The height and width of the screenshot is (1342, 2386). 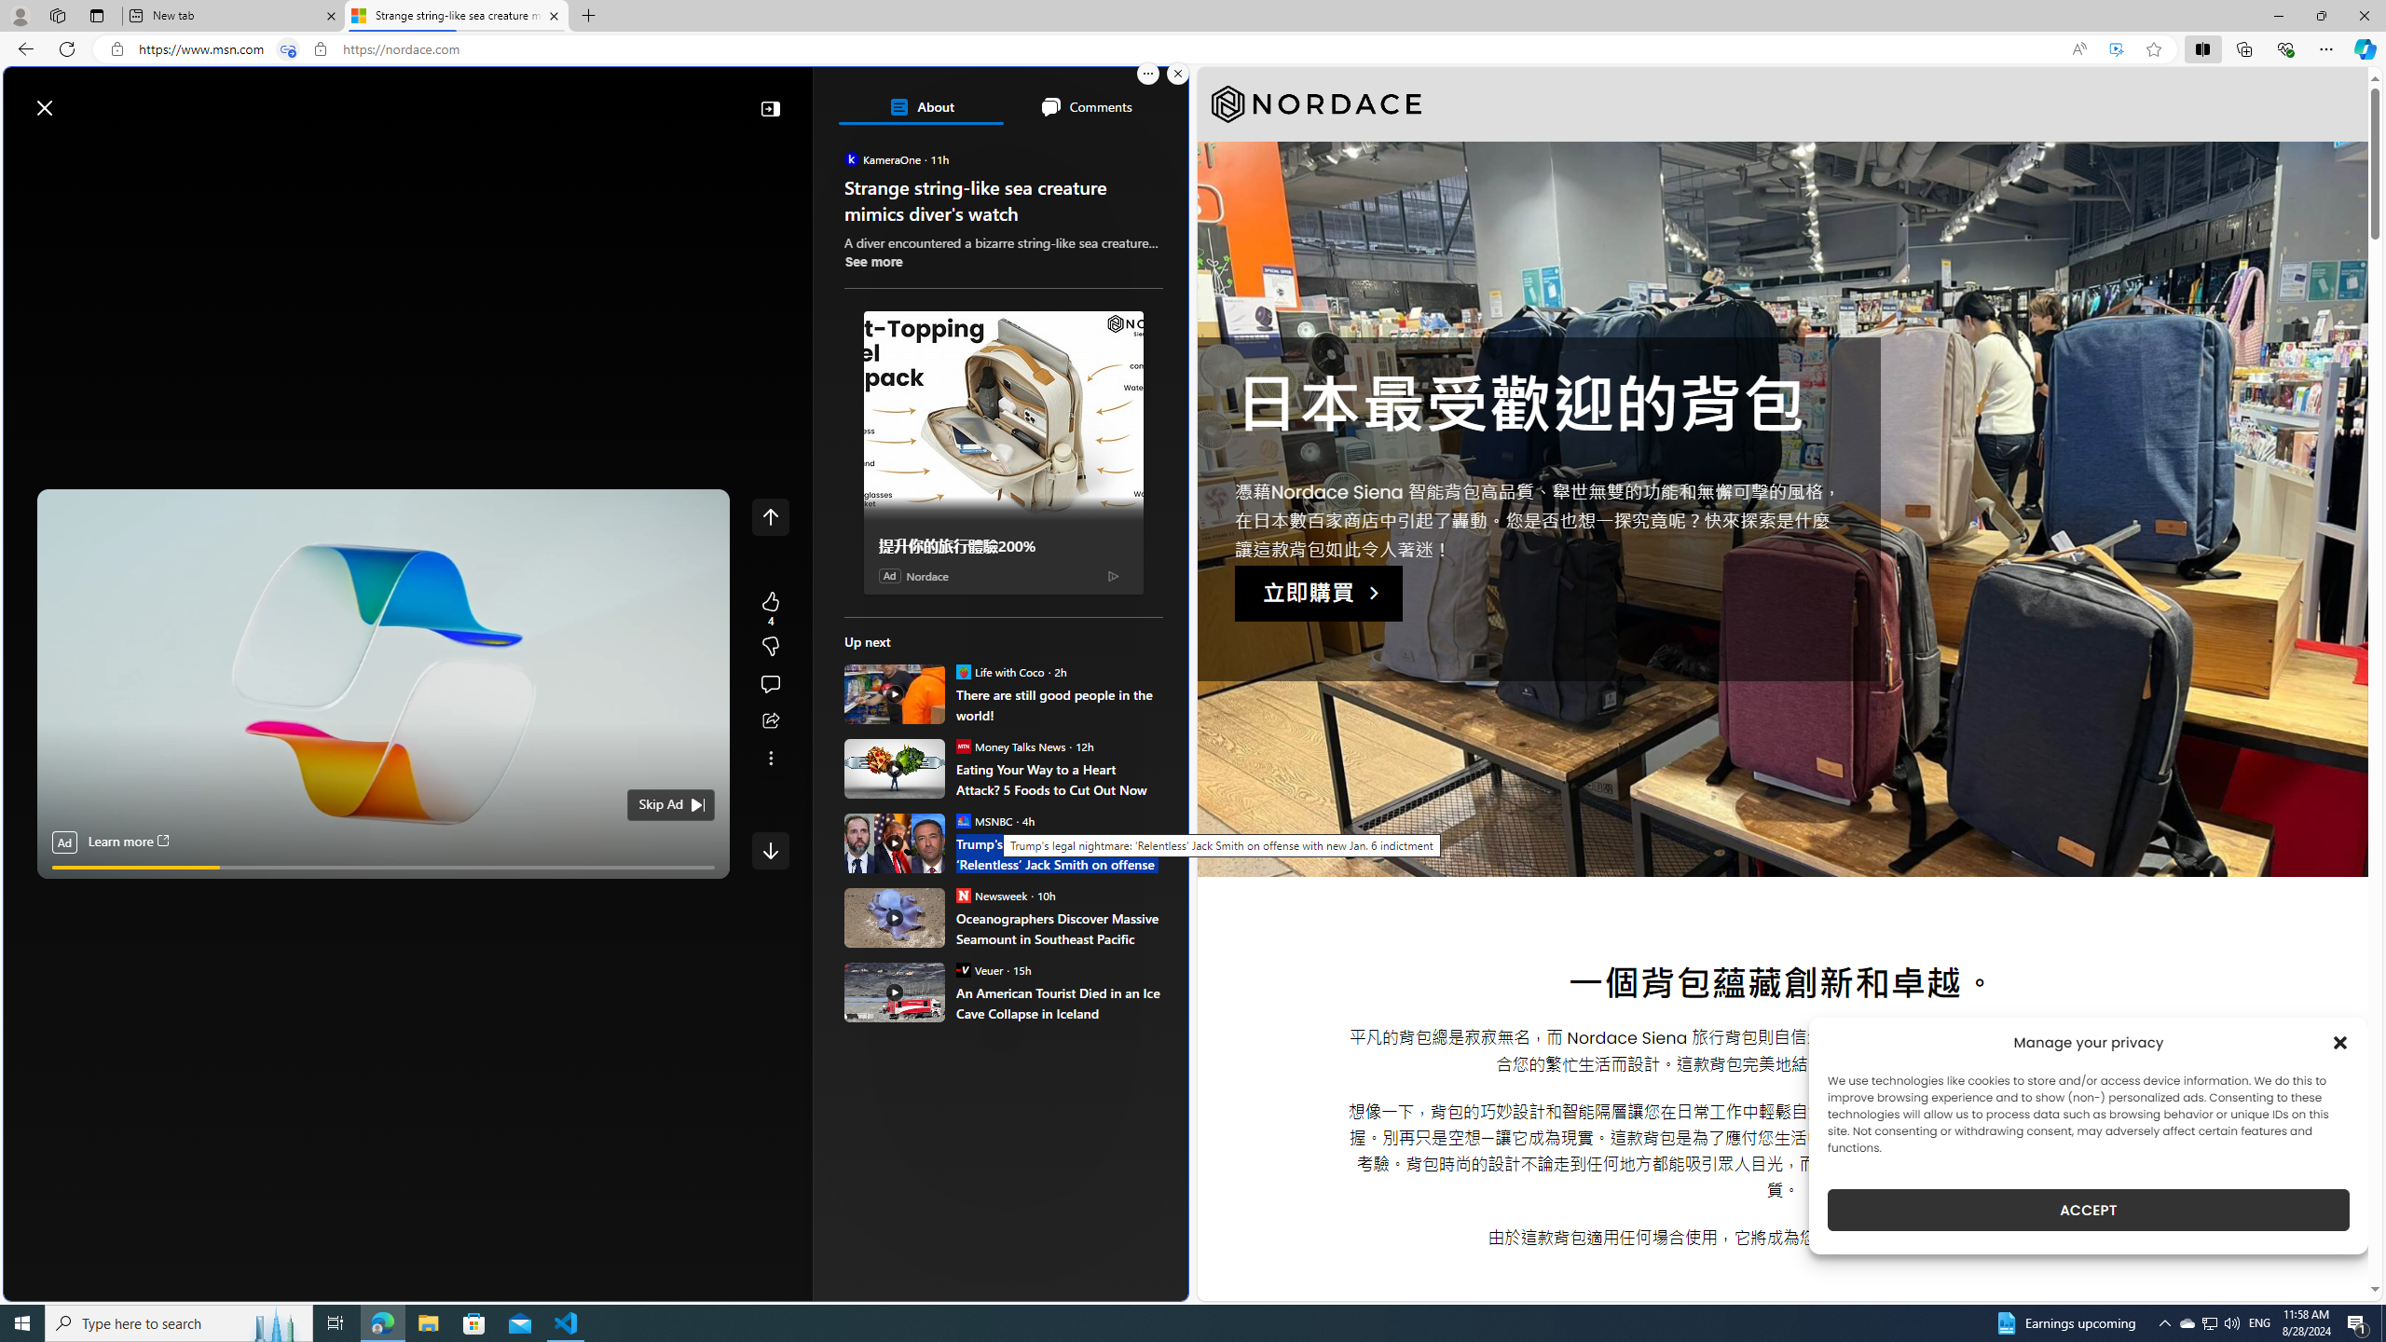 What do you see at coordinates (978, 968) in the screenshot?
I see `'Veuer Veuer'` at bounding box center [978, 968].